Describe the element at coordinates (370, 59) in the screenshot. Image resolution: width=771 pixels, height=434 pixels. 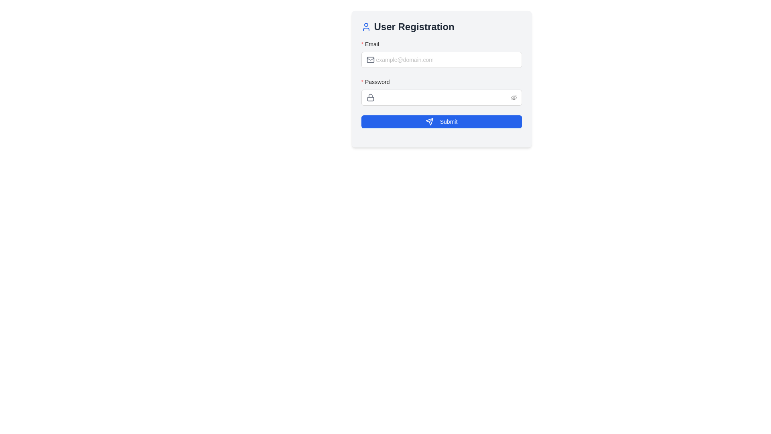
I see `the envelope icon located inside the 'Email' input field of the registration form, which serves as a visual cue for entering an email address` at that location.